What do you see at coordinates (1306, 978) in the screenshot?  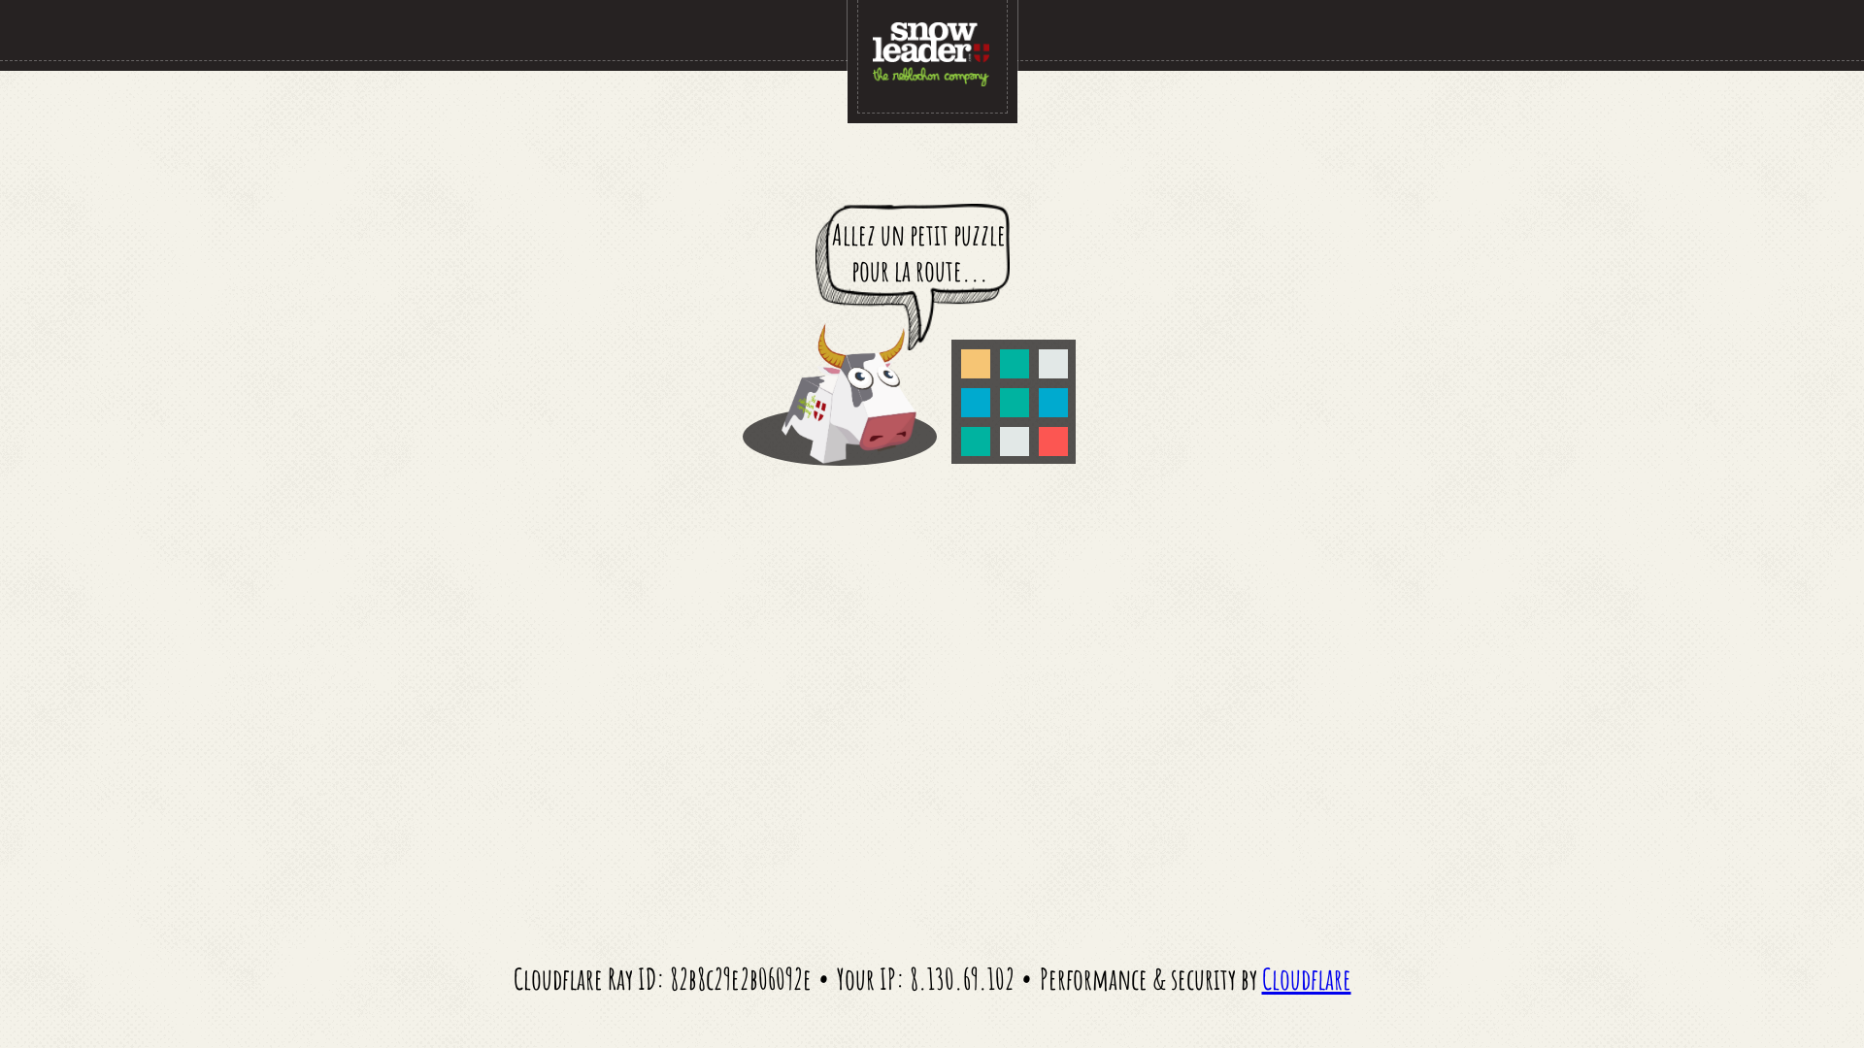 I see `'Cloudflare'` at bounding box center [1306, 978].